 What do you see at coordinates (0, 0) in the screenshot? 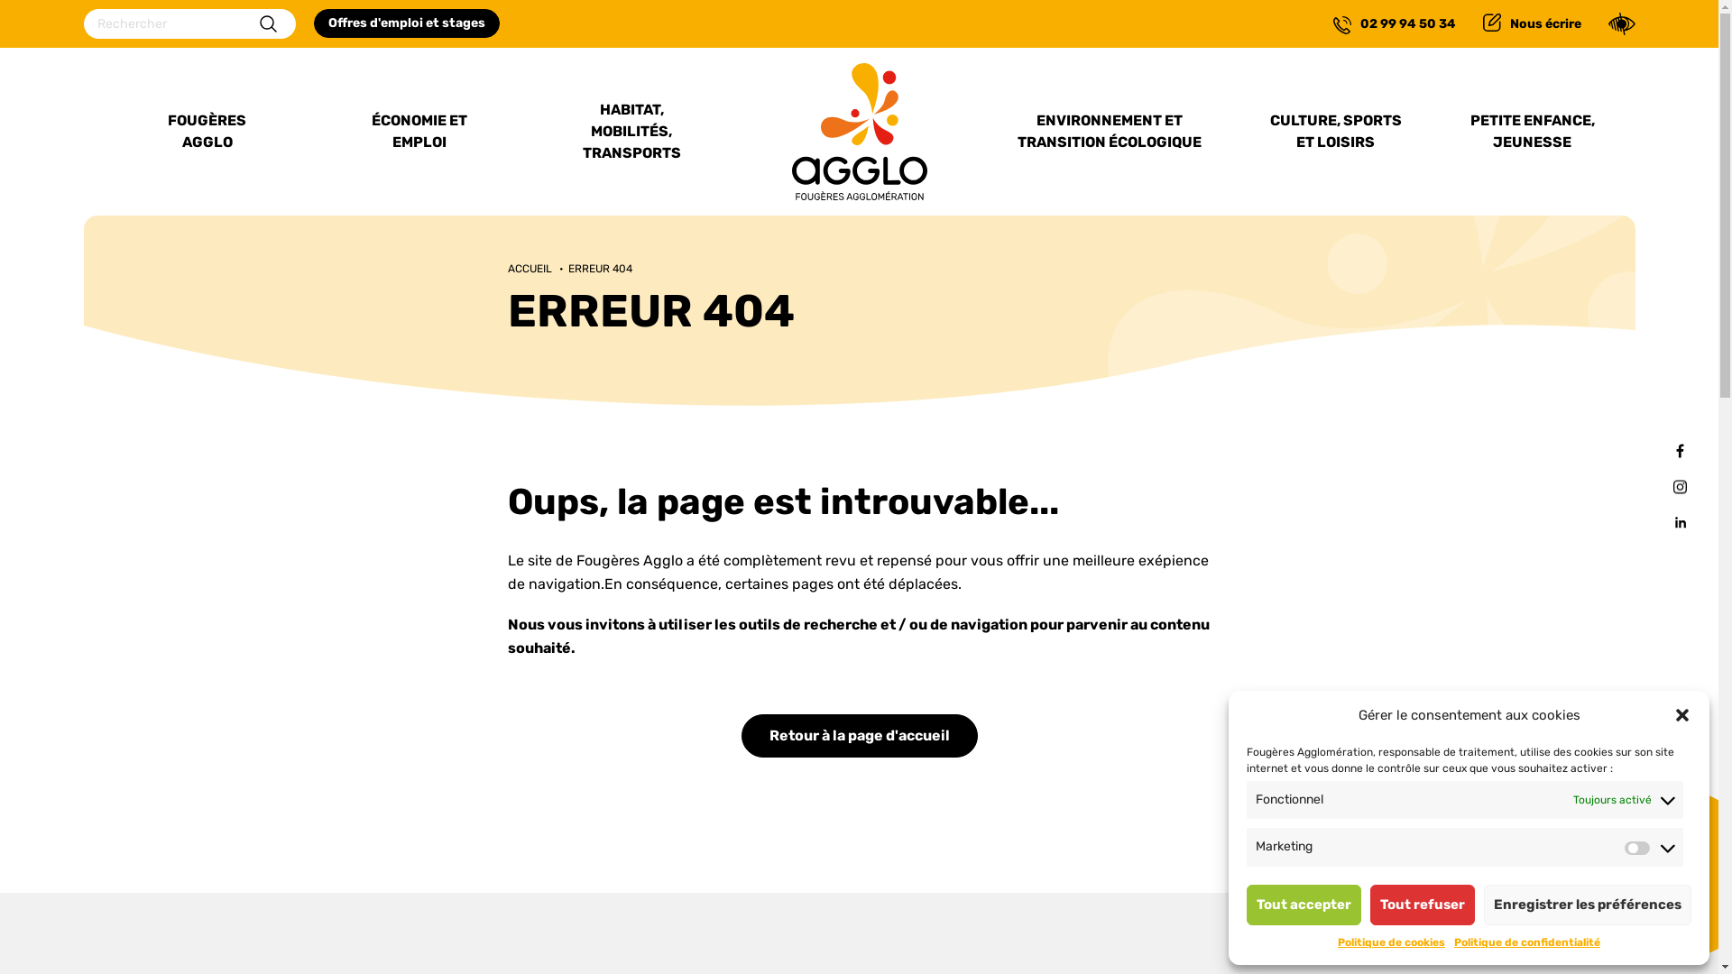
I see `'Confort'` at bounding box center [0, 0].